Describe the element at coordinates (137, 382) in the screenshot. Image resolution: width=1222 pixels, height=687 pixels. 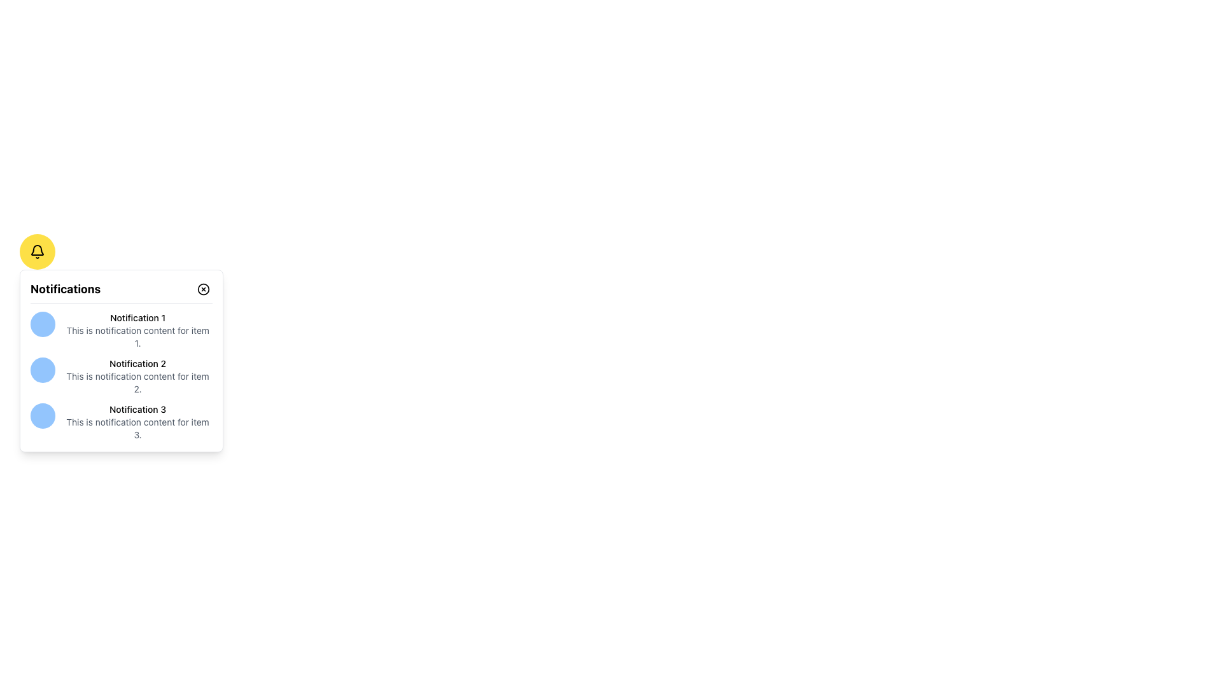
I see `descriptive text located under 'Notification 2' in the notifications panel, which provides further information about the second notification` at that location.